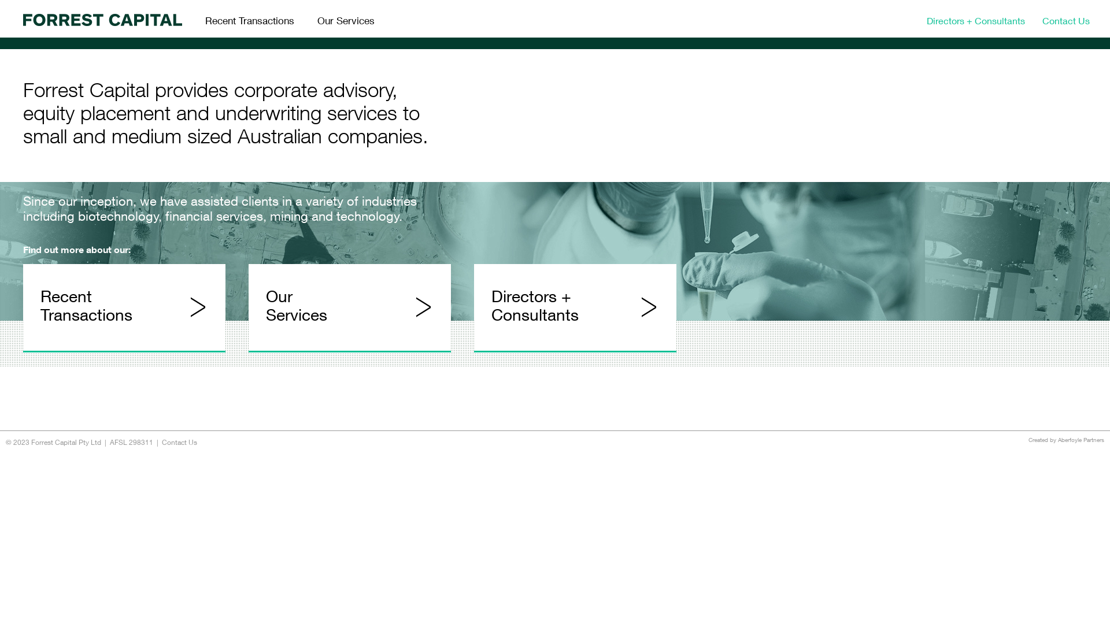 The width and height of the screenshot is (1110, 624). Describe the element at coordinates (179, 442) in the screenshot. I see `'Contact Us'` at that location.